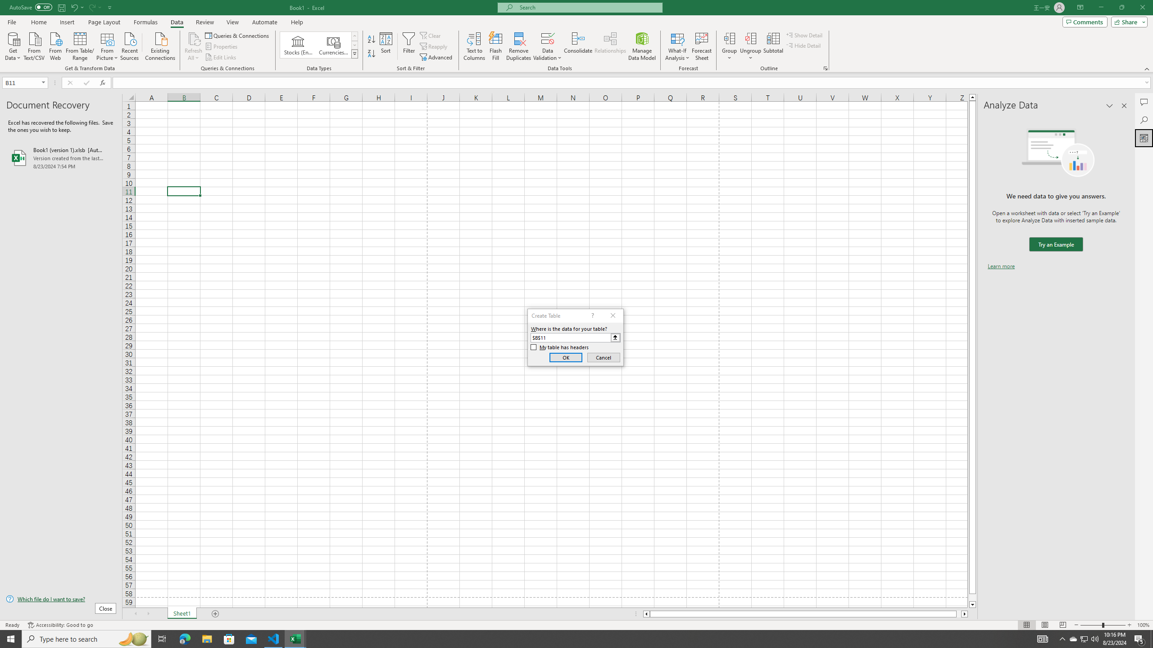  I want to click on 'Edit Links', so click(221, 57).